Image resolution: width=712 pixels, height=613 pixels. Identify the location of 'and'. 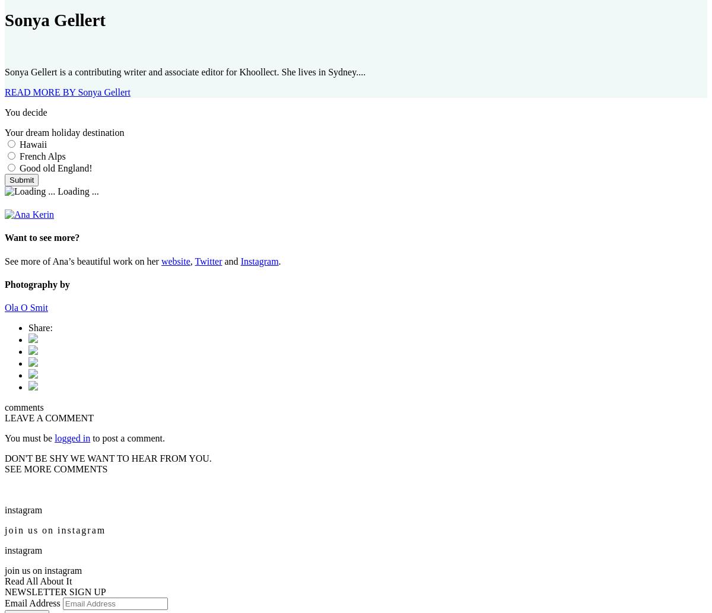
(231, 261).